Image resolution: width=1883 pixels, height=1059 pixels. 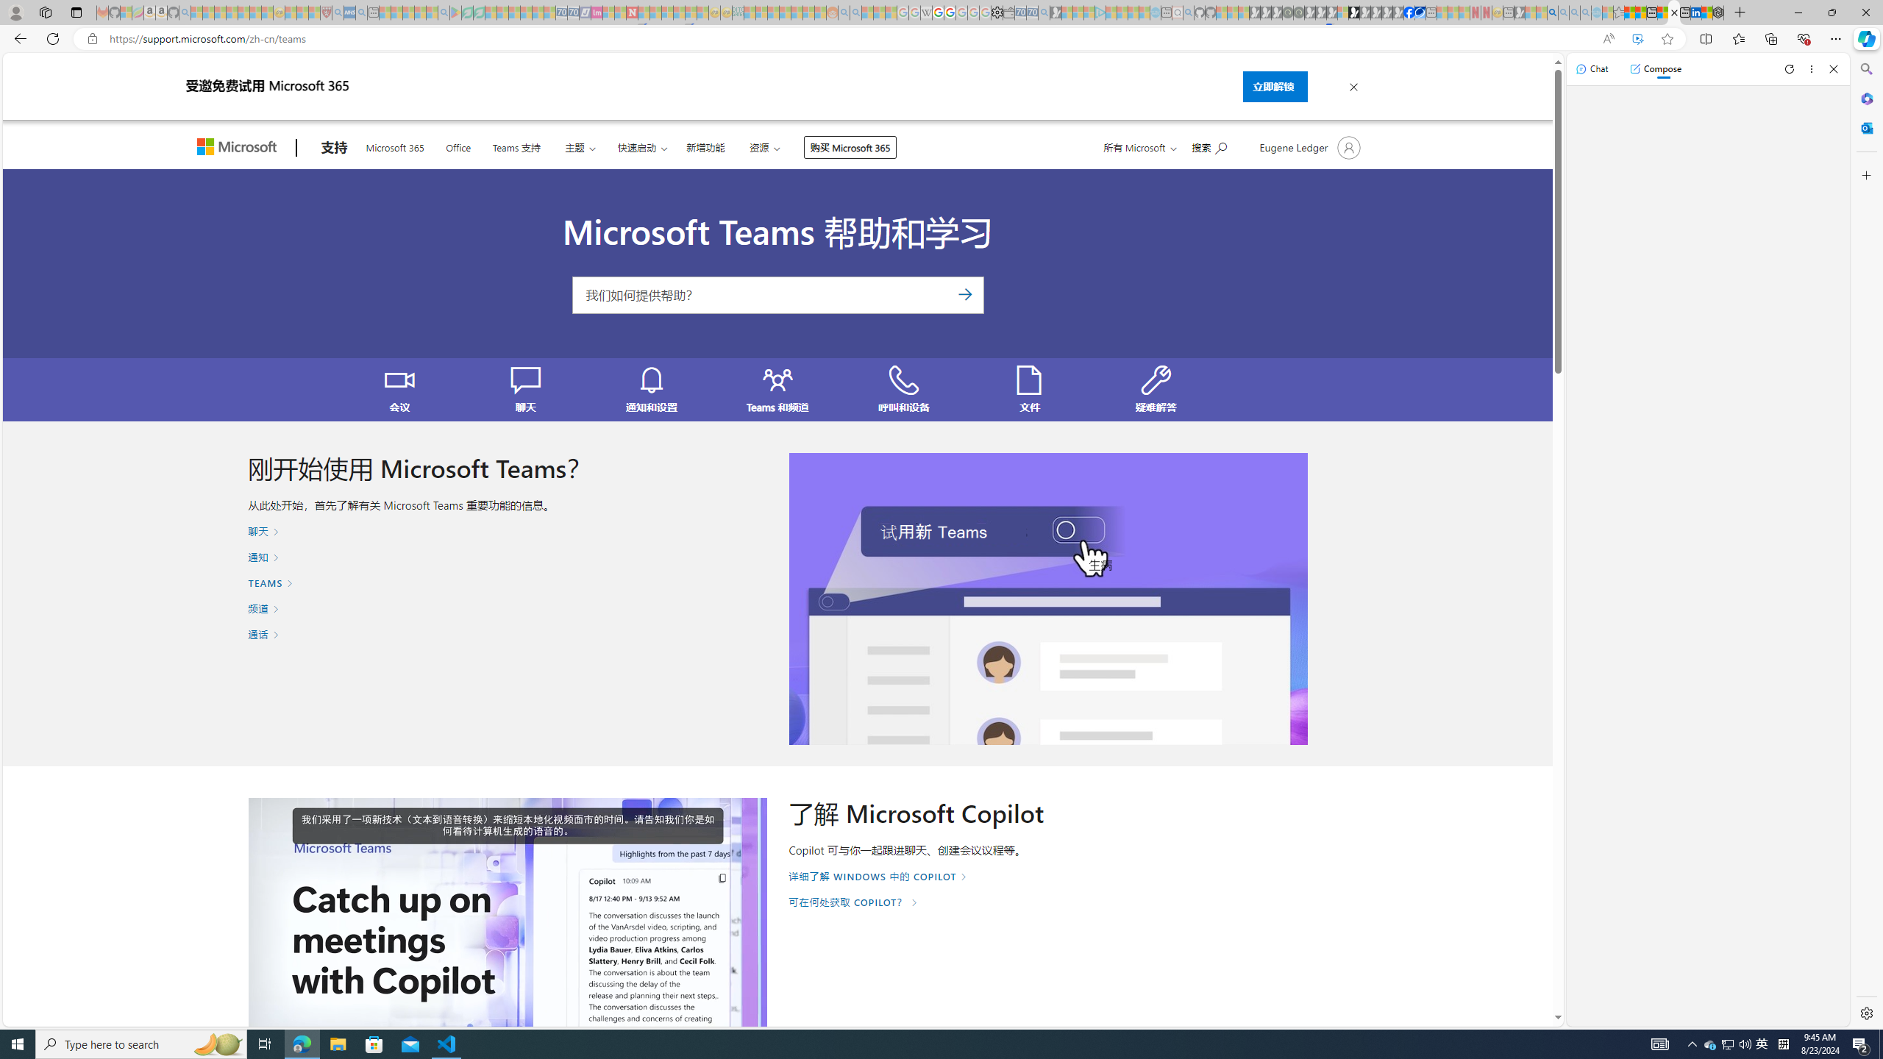 I want to click on 'Latest Politics News & Archive | Newsweek.com - Sleeping', so click(x=630, y=12).